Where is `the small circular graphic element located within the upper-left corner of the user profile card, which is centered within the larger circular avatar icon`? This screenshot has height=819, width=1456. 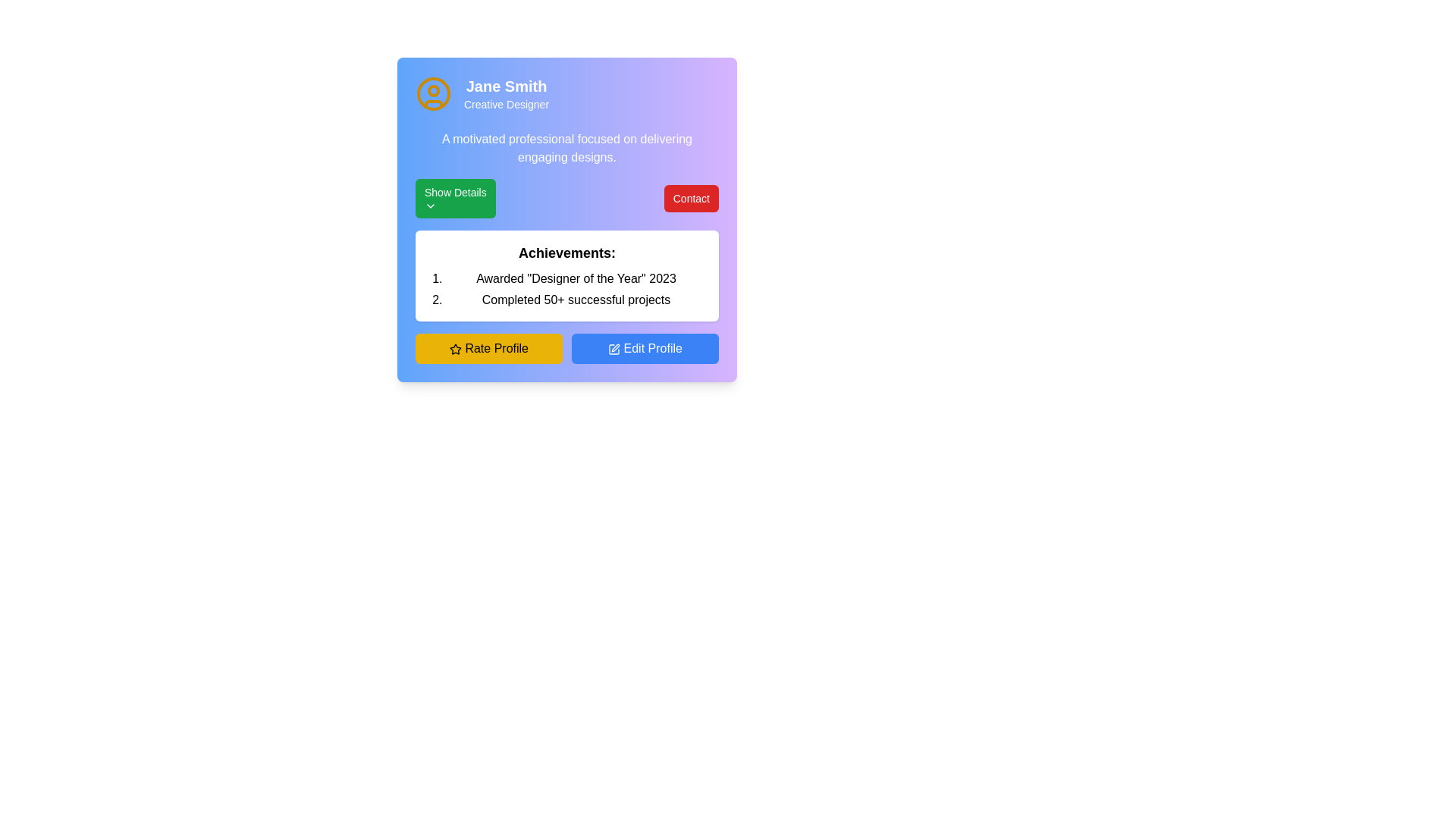
the small circular graphic element located within the upper-left corner of the user profile card, which is centered within the larger circular avatar icon is located at coordinates (432, 90).